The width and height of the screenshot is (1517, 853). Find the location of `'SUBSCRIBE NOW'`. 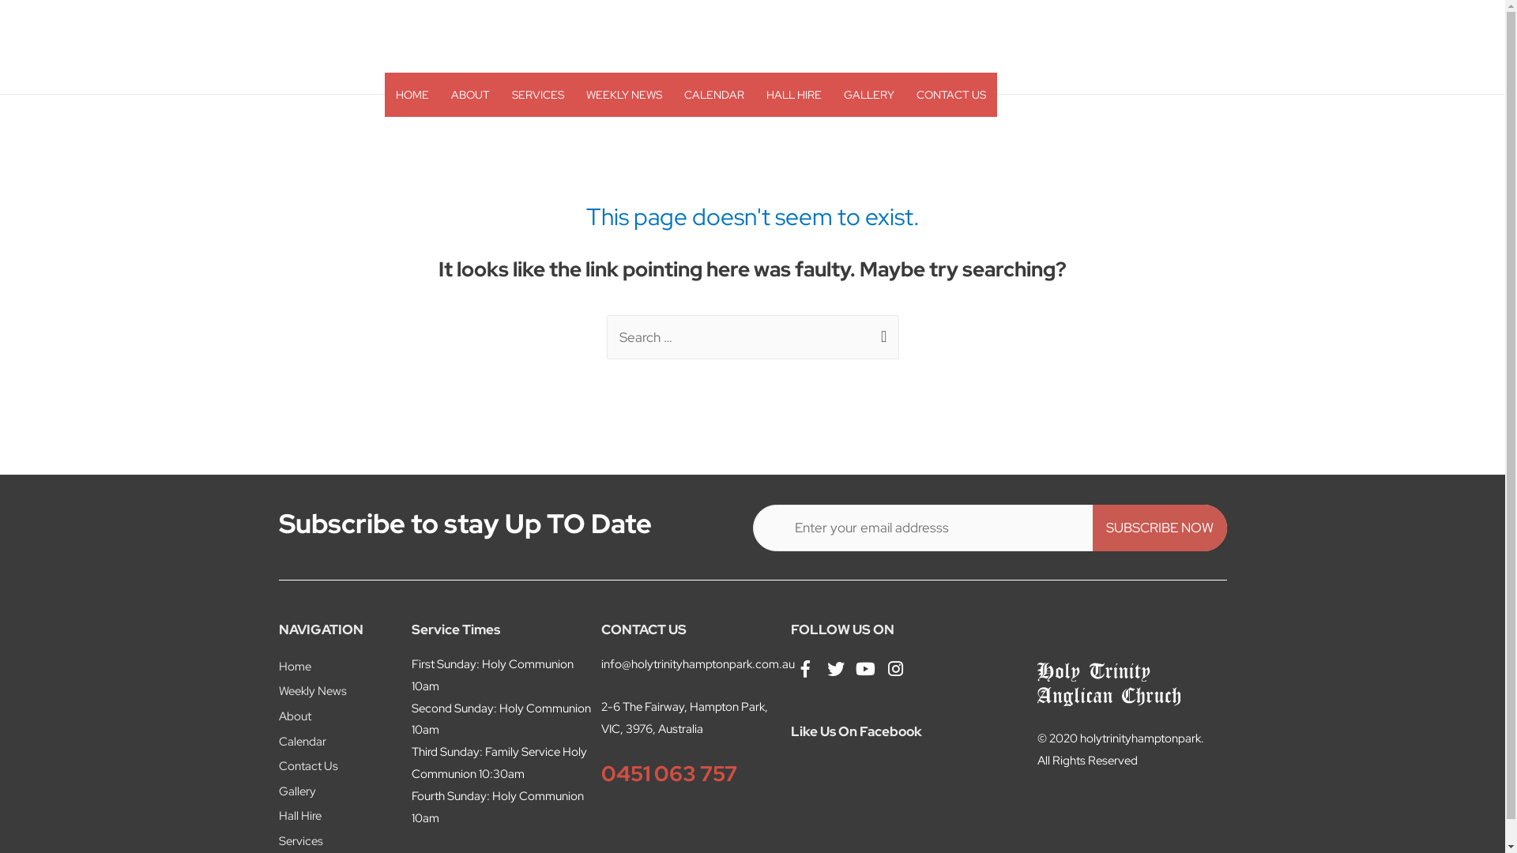

'SUBSCRIBE NOW' is located at coordinates (1091, 528).